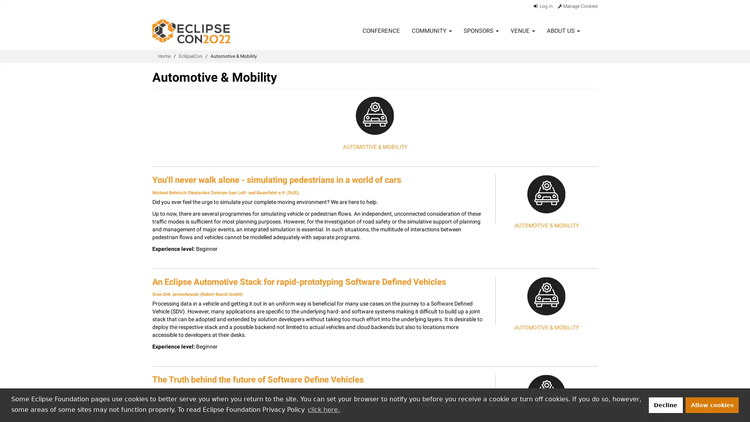  I want to click on allow cookies, so click(712, 404).